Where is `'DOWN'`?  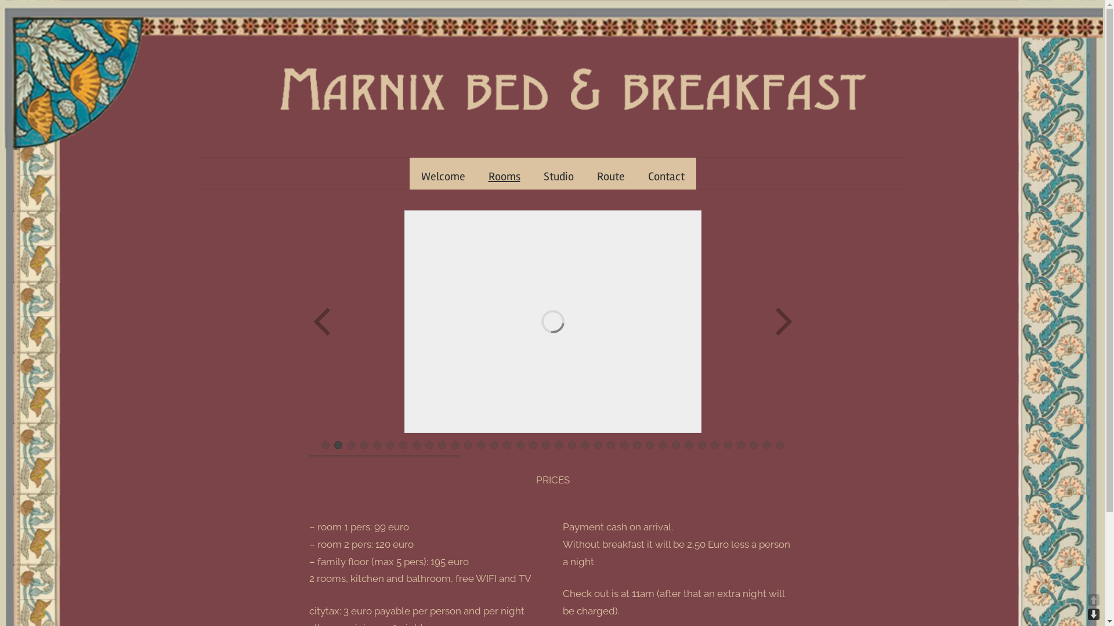 'DOWN' is located at coordinates (1093, 614).